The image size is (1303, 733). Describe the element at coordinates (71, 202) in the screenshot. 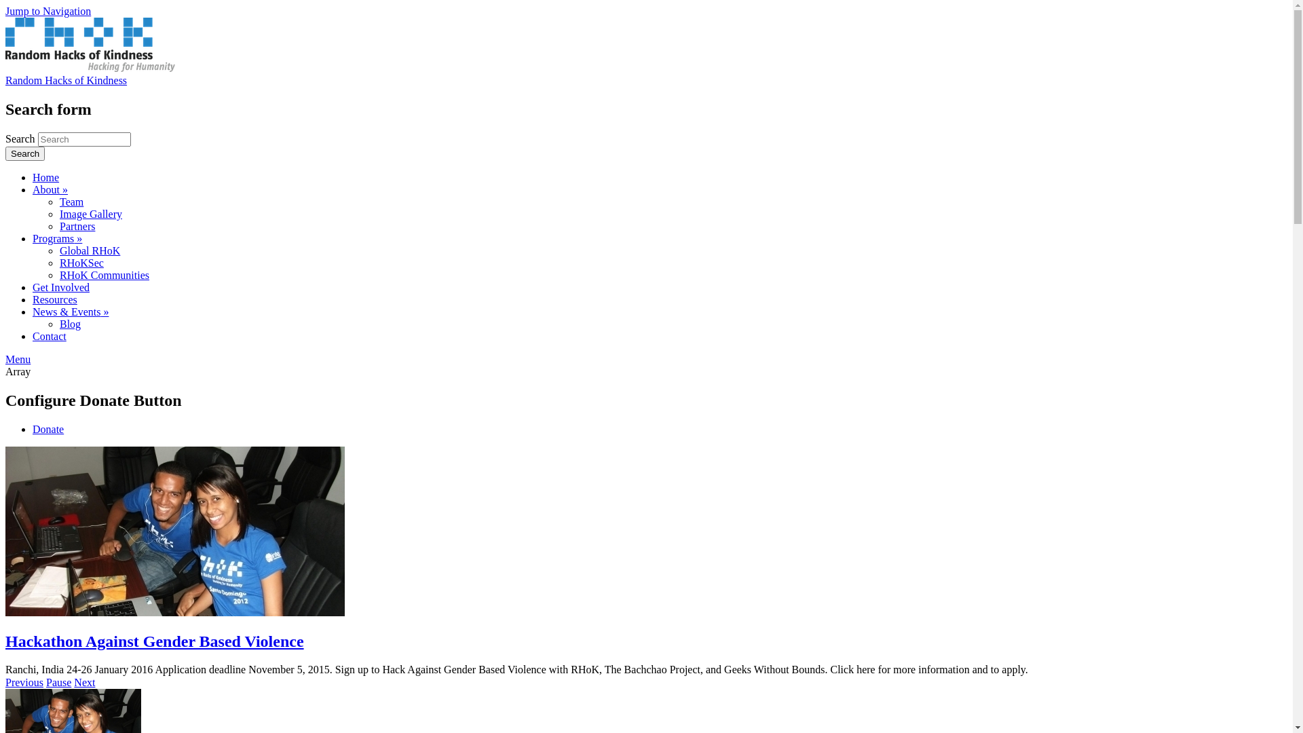

I see `'Team'` at that location.